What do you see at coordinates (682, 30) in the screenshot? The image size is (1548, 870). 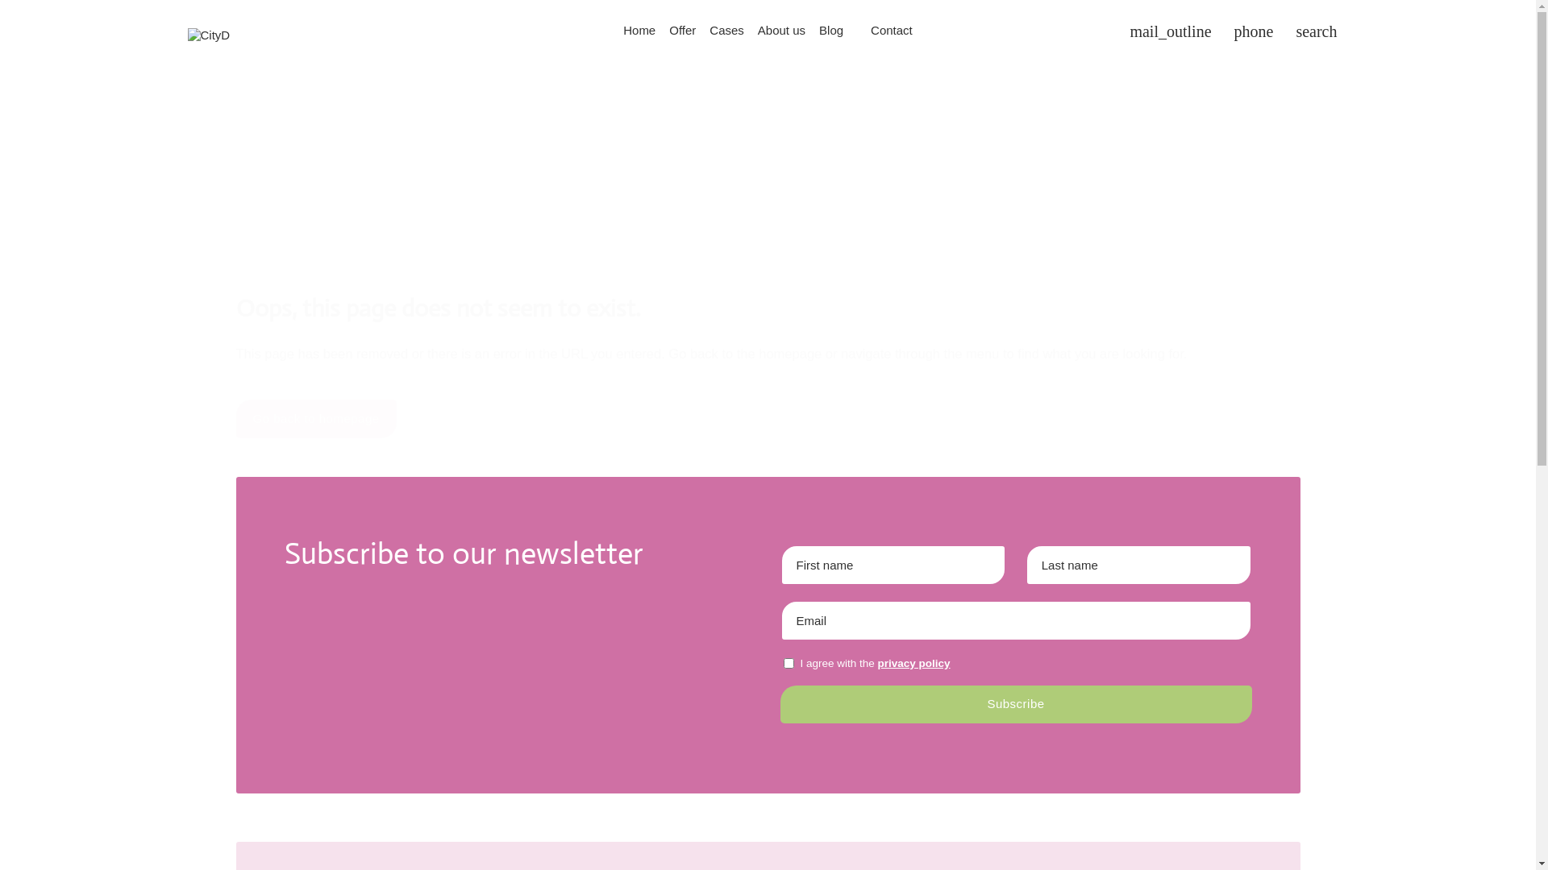 I see `'Offer'` at bounding box center [682, 30].